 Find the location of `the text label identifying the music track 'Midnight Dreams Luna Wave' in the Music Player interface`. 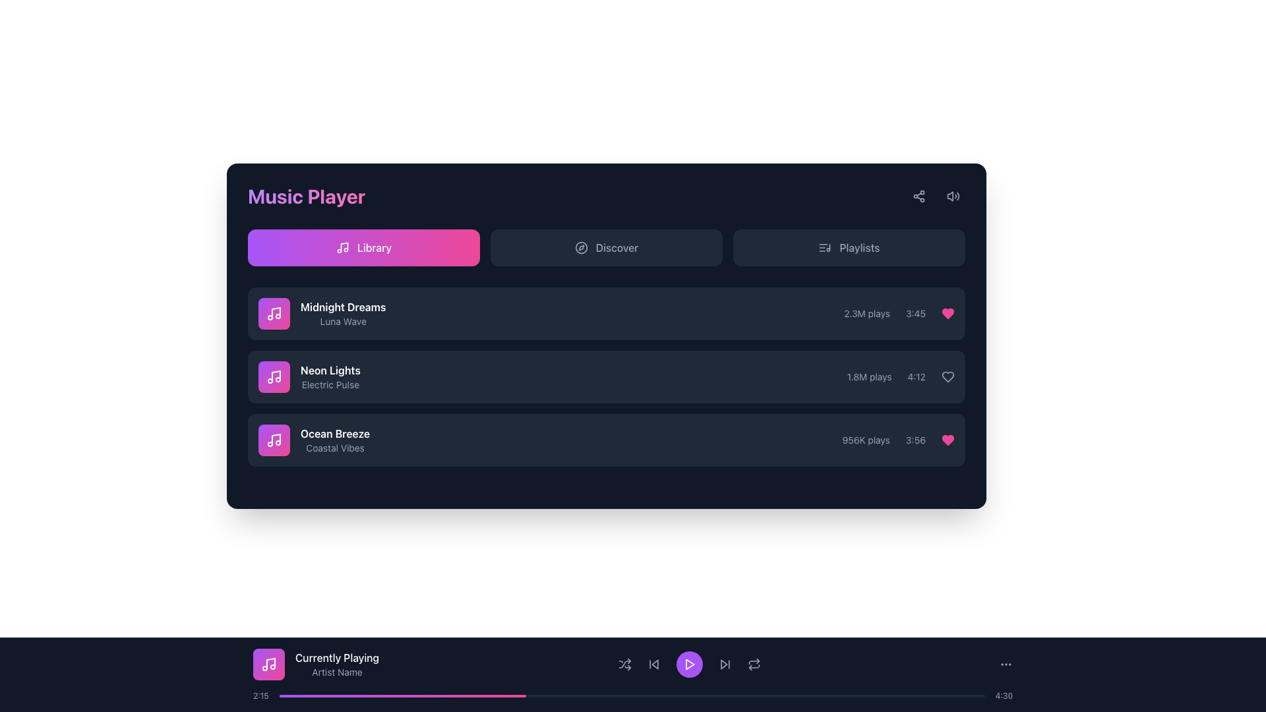

the text label identifying the music track 'Midnight Dreams Luna Wave' in the Music Player interface is located at coordinates (343, 307).